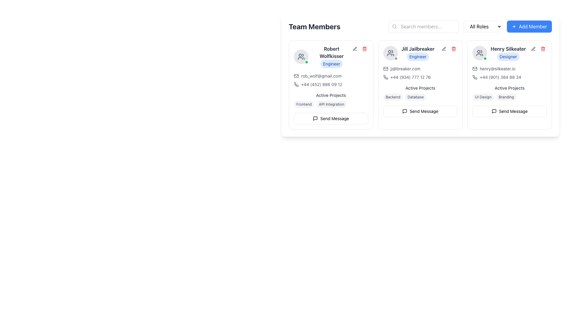 The width and height of the screenshot is (580, 326). Describe the element at coordinates (296, 75) in the screenshot. I see `the rectangular graphical component with a rounded border` at that location.